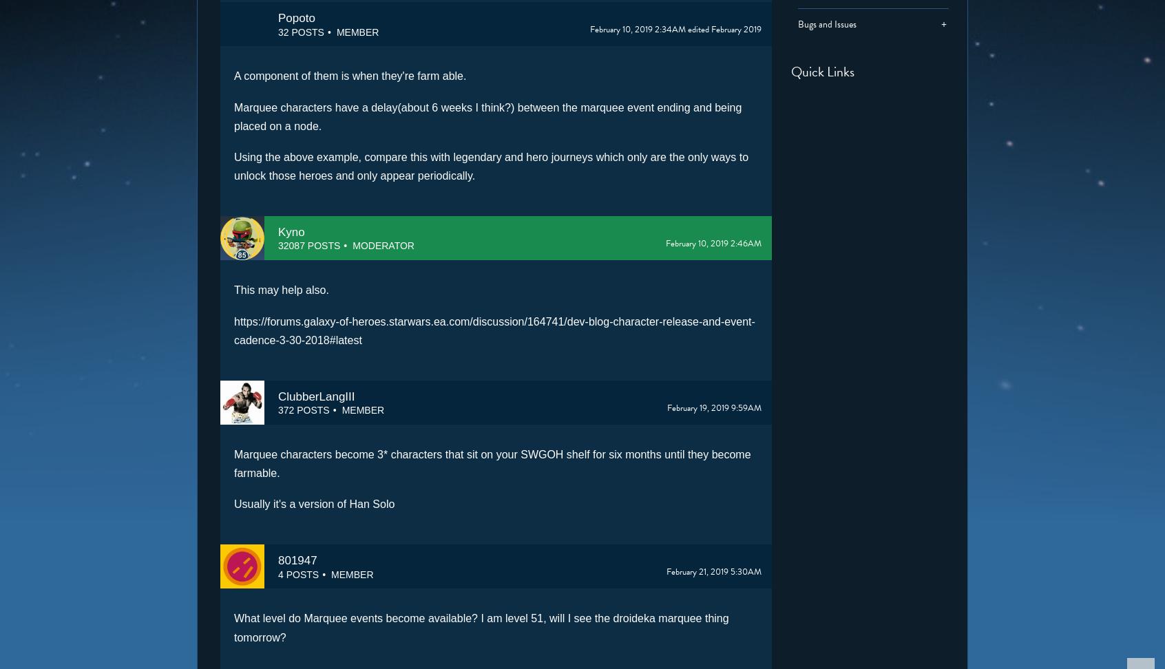 This screenshot has height=669, width=1165. Describe the element at coordinates (713, 407) in the screenshot. I see `'February 19, 2019 9:59AM'` at that location.